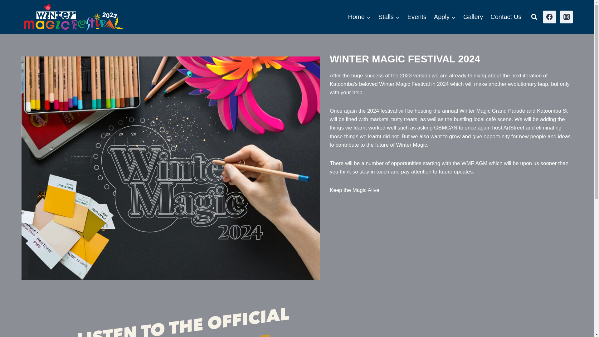  Describe the element at coordinates (374, 17) in the screenshot. I see `'Stalls'` at that location.